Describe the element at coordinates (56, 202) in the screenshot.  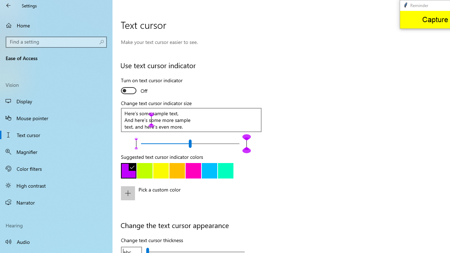
I see `'Narrator'` at that location.